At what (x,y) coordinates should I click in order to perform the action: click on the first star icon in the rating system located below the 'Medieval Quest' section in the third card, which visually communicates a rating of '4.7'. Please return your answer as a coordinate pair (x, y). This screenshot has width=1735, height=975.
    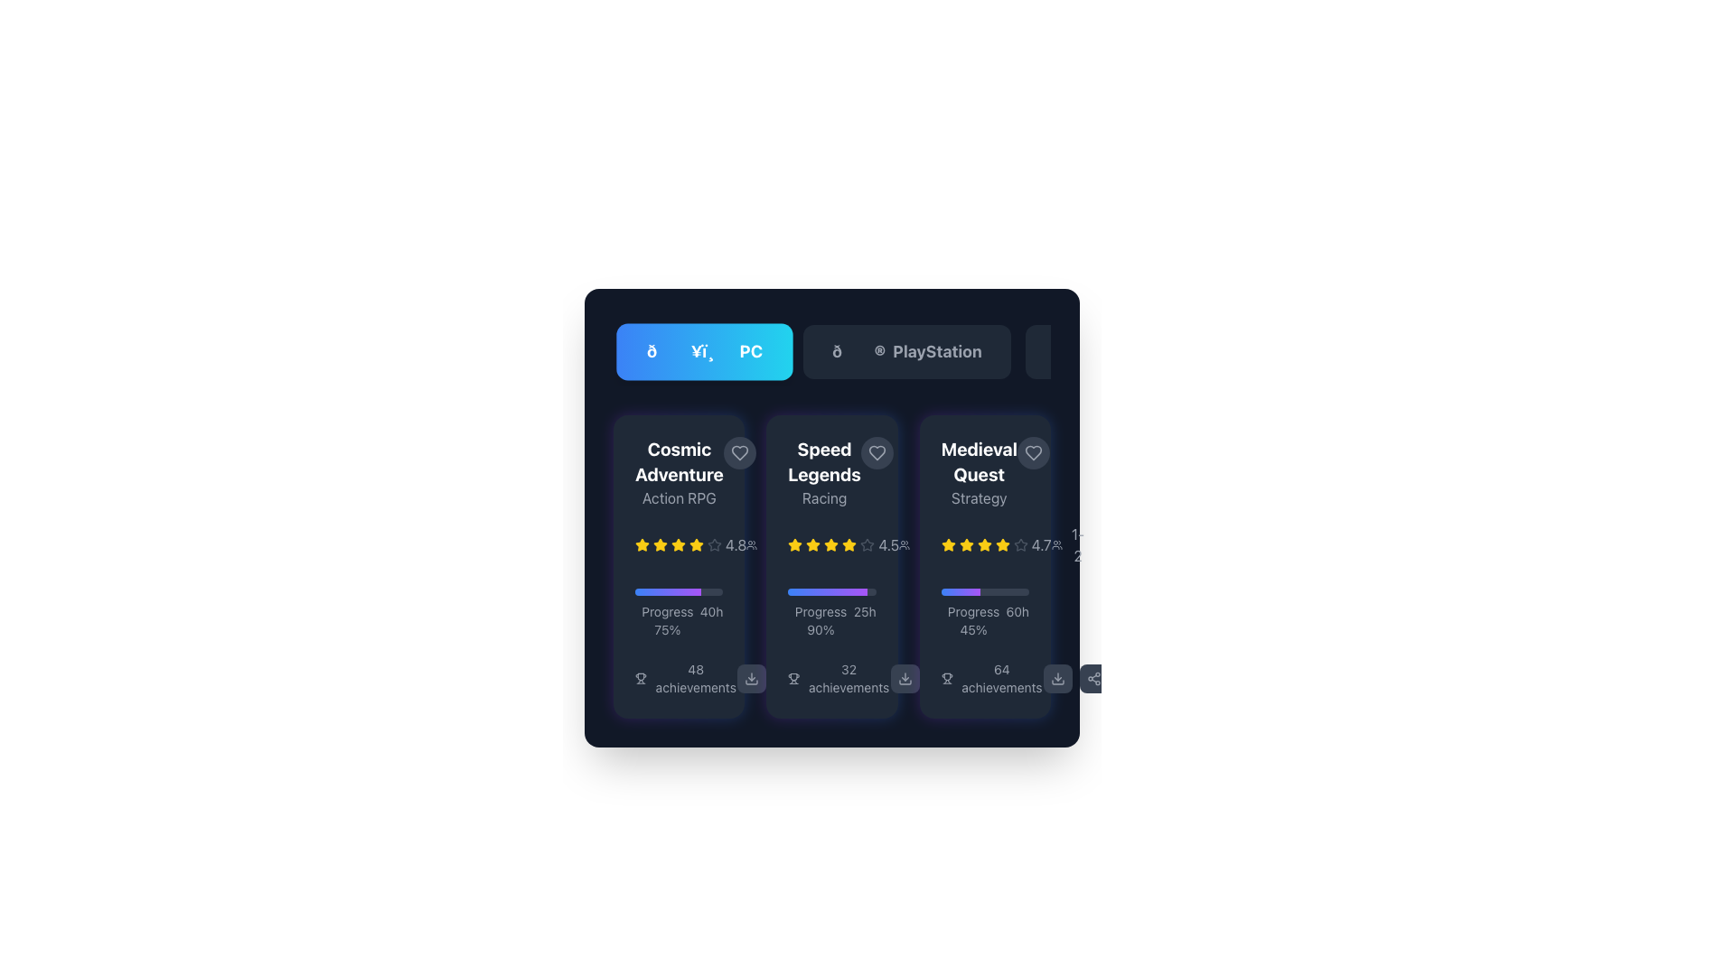
    Looking at the image, I should click on (947, 544).